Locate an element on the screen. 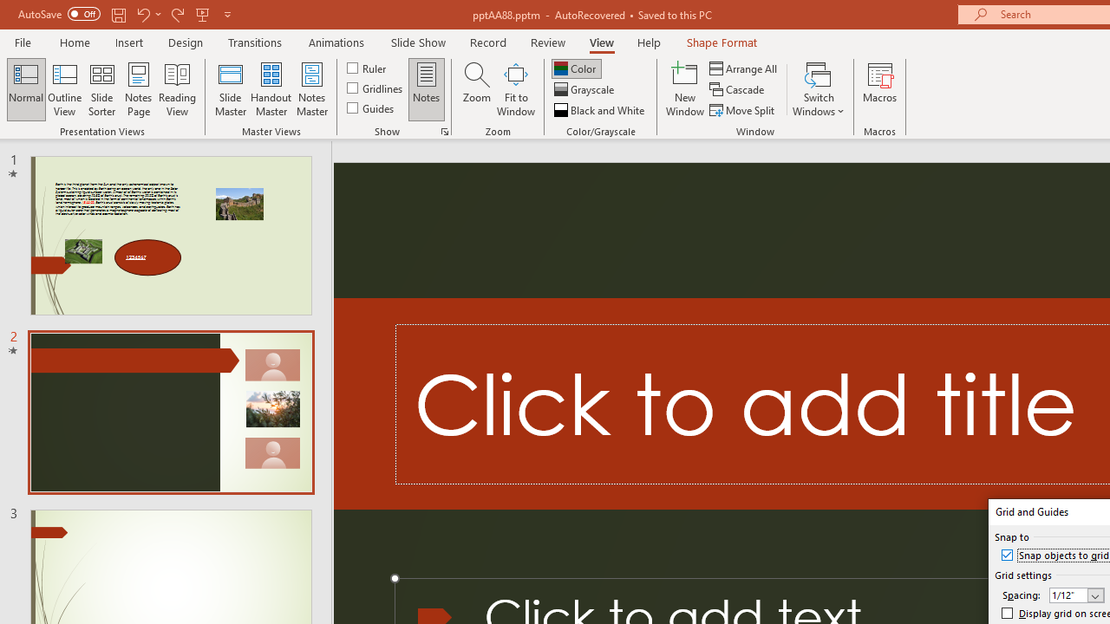 The width and height of the screenshot is (1110, 624). 'Zoom...' is located at coordinates (476, 89).